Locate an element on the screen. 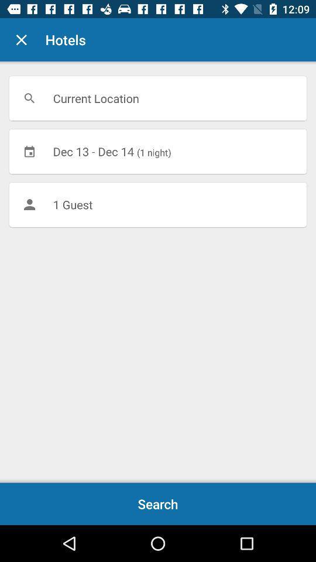 This screenshot has width=316, height=562. 1 guest is located at coordinates (158, 204).